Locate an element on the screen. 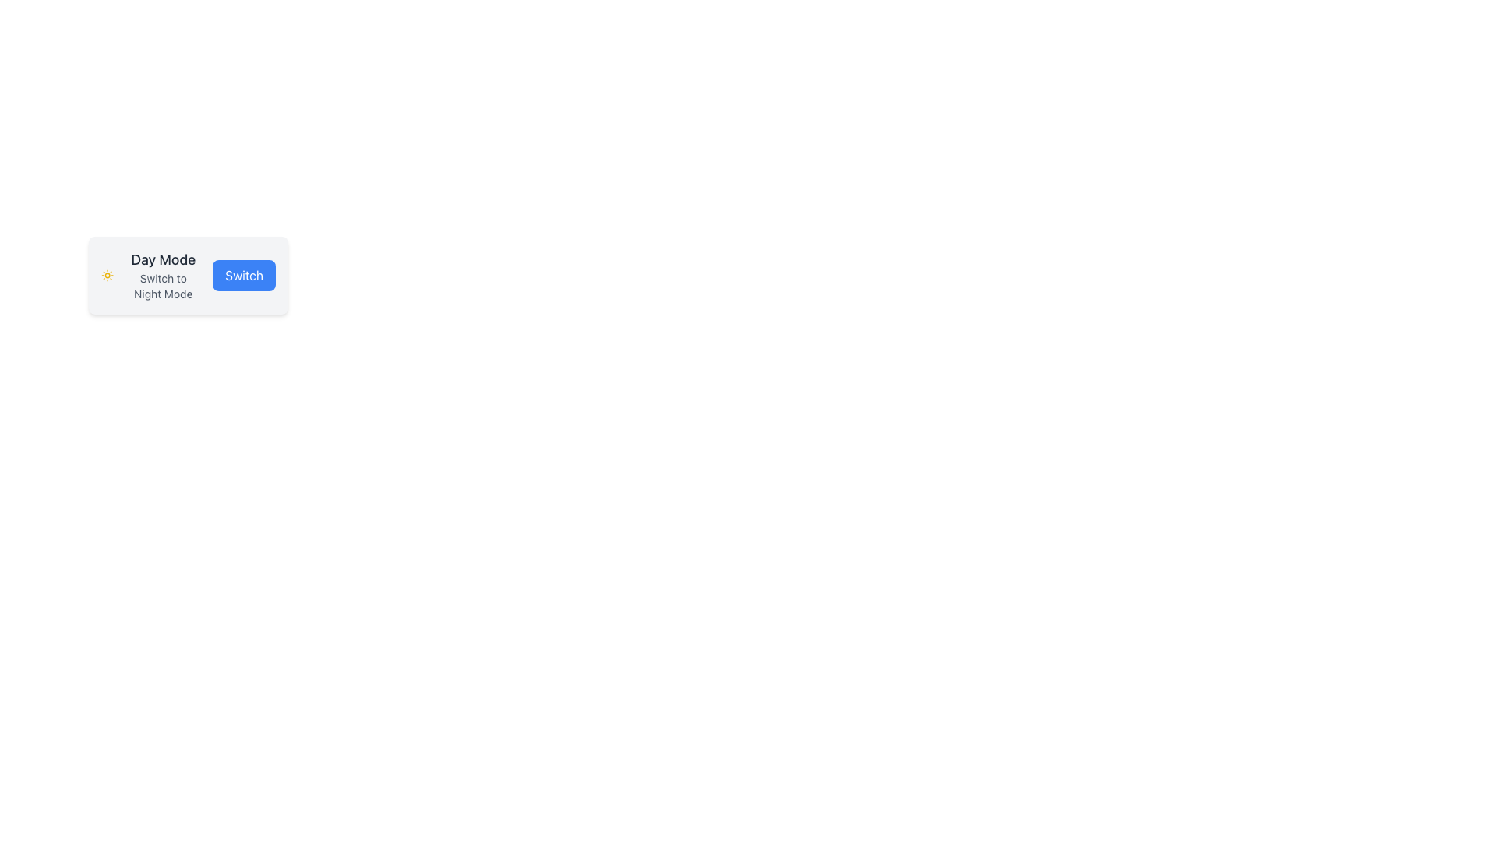  the yellow sun icon located to the left of the 'Day Mode' text within the card interface is located at coordinates (107, 275).